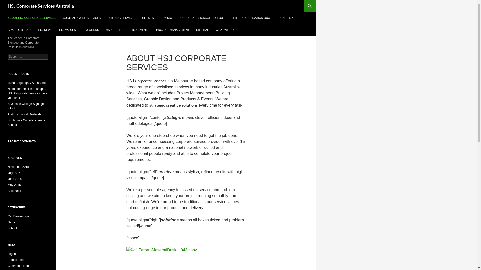 The height and width of the screenshot is (270, 481). Describe the element at coordinates (287, 18) in the screenshot. I see `'GALLERY'` at that location.